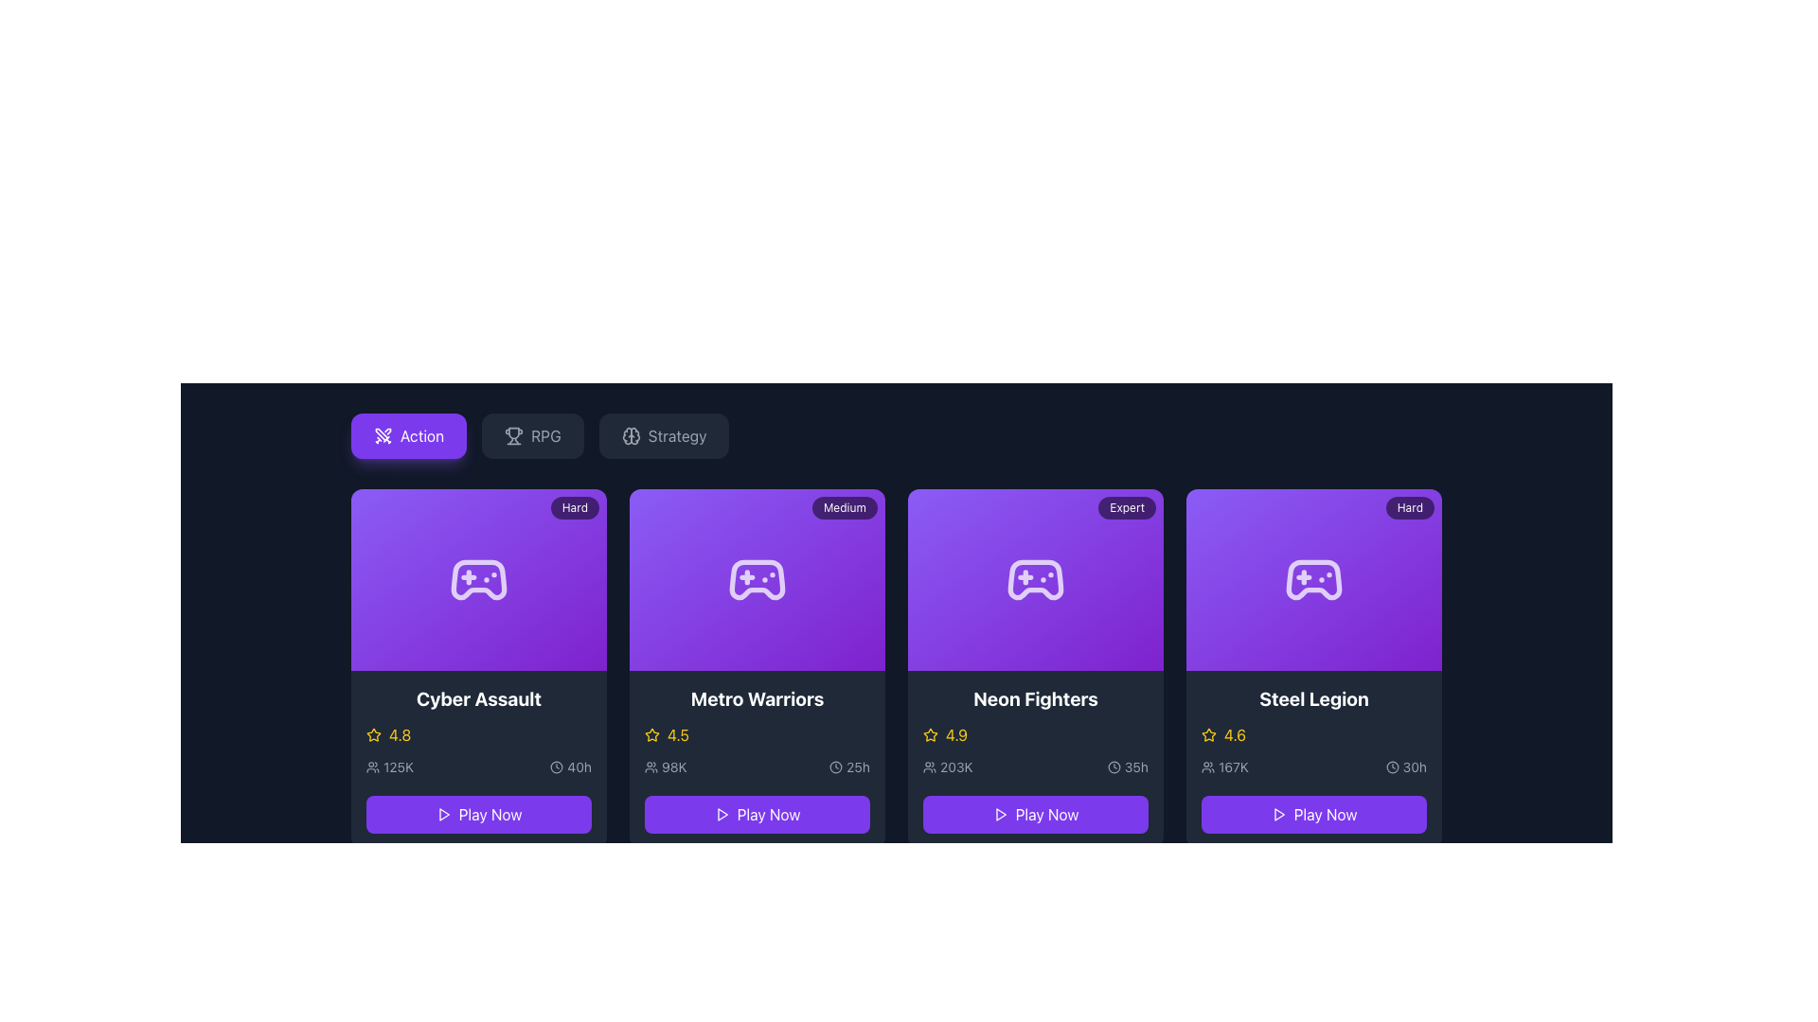 This screenshot has width=1818, height=1022. I want to click on the text displaying the number of participants or followers in the 'Metro Warriors' section, positioned below the rating information and to the left of the time information, so click(666, 766).